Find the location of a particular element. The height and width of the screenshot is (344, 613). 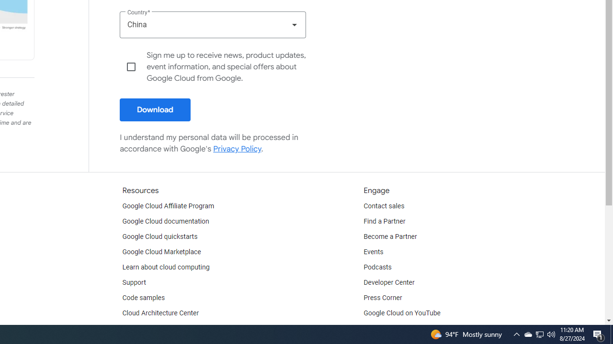

'Events' is located at coordinates (373, 252).